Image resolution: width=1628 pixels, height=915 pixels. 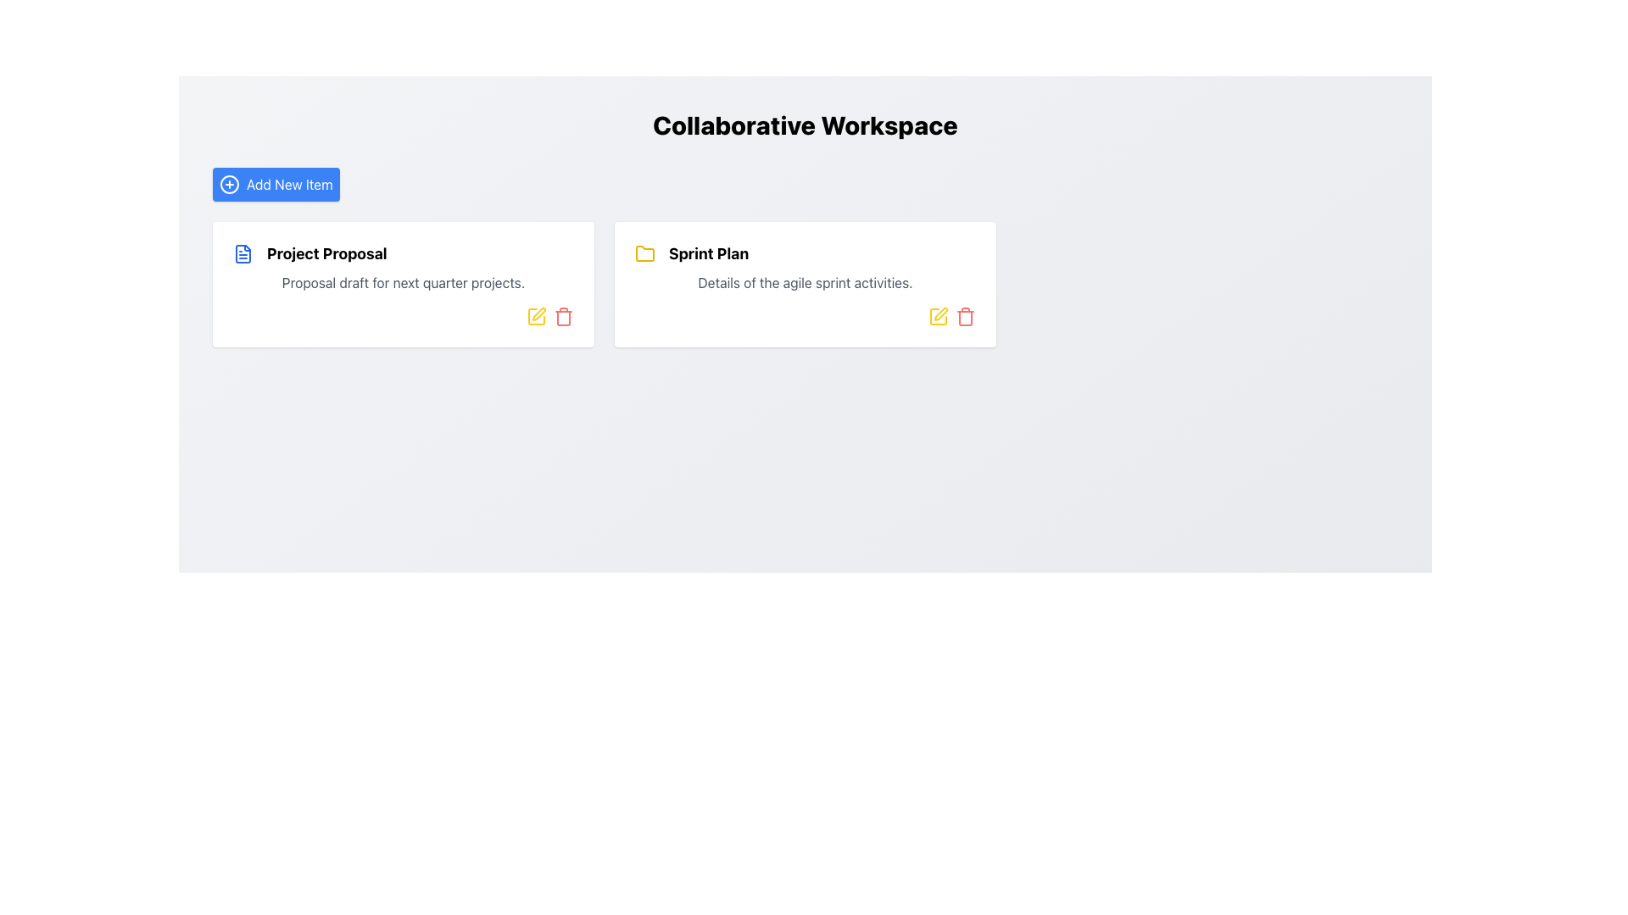 I want to click on the header text element that summarizes the purpose of the collaborative workspace, positioned at the top of the visible content above the 'Add New Item' button, so click(x=805, y=124).